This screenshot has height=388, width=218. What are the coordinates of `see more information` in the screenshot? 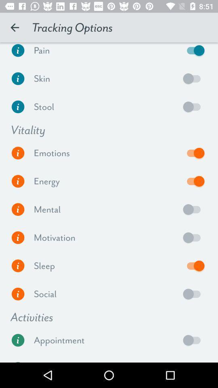 It's located at (18, 238).